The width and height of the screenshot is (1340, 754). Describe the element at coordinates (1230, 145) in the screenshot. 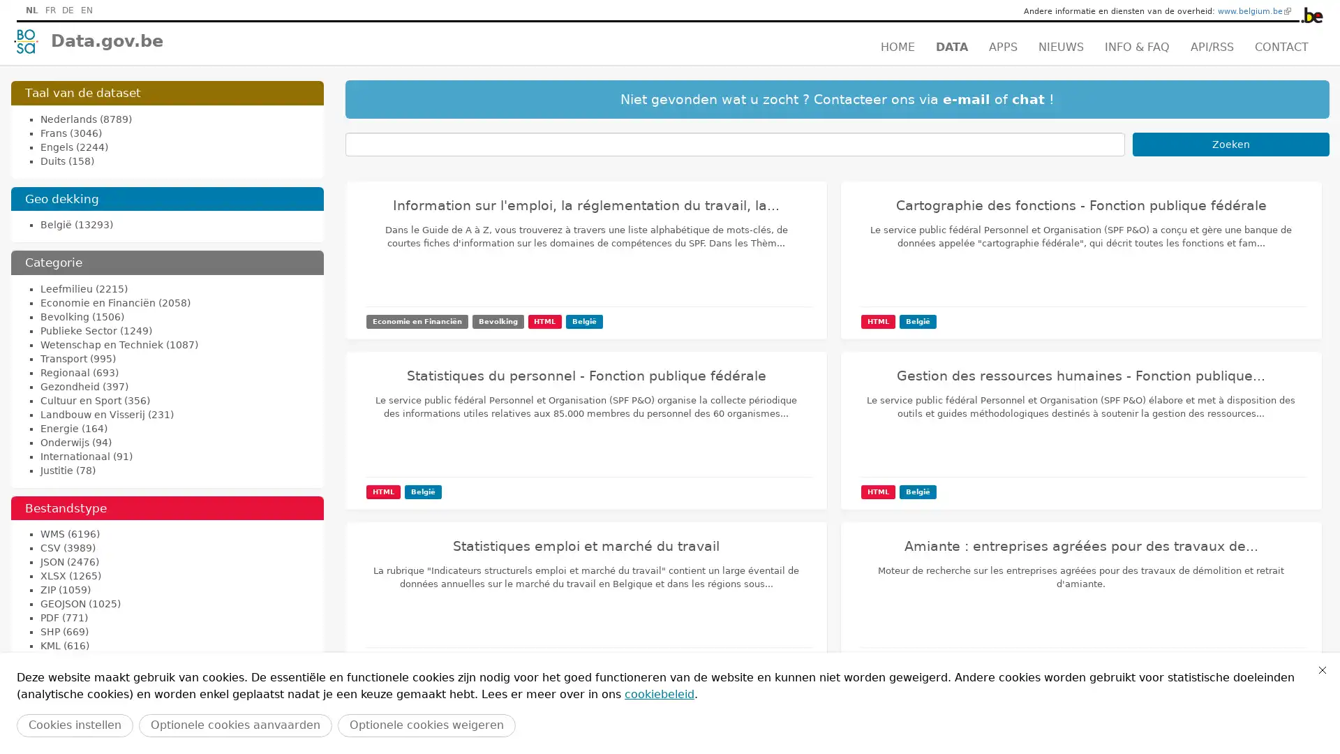

I see `Zoeken` at that location.